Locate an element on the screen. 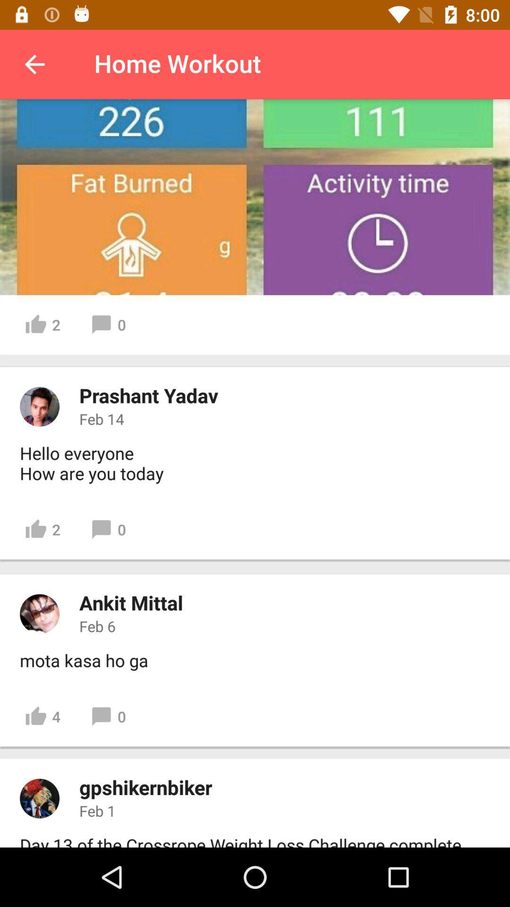  context image is located at coordinates (39, 798).